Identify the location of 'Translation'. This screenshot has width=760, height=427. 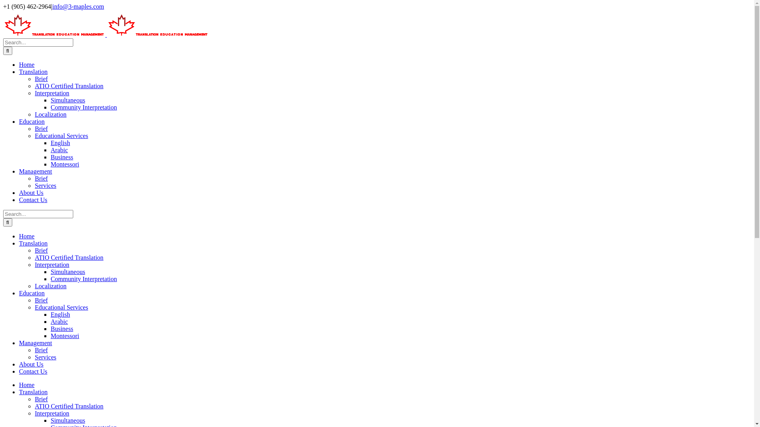
(32, 243).